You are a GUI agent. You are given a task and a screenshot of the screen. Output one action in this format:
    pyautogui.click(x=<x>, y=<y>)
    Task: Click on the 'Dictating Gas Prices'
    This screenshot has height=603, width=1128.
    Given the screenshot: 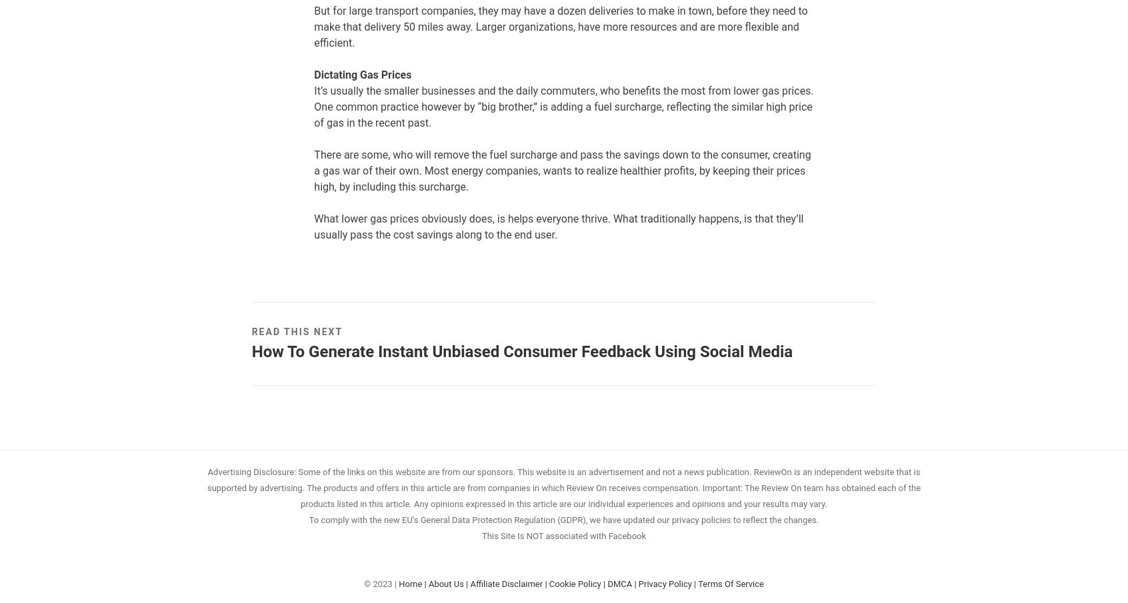 What is the action you would take?
    pyautogui.click(x=313, y=73)
    